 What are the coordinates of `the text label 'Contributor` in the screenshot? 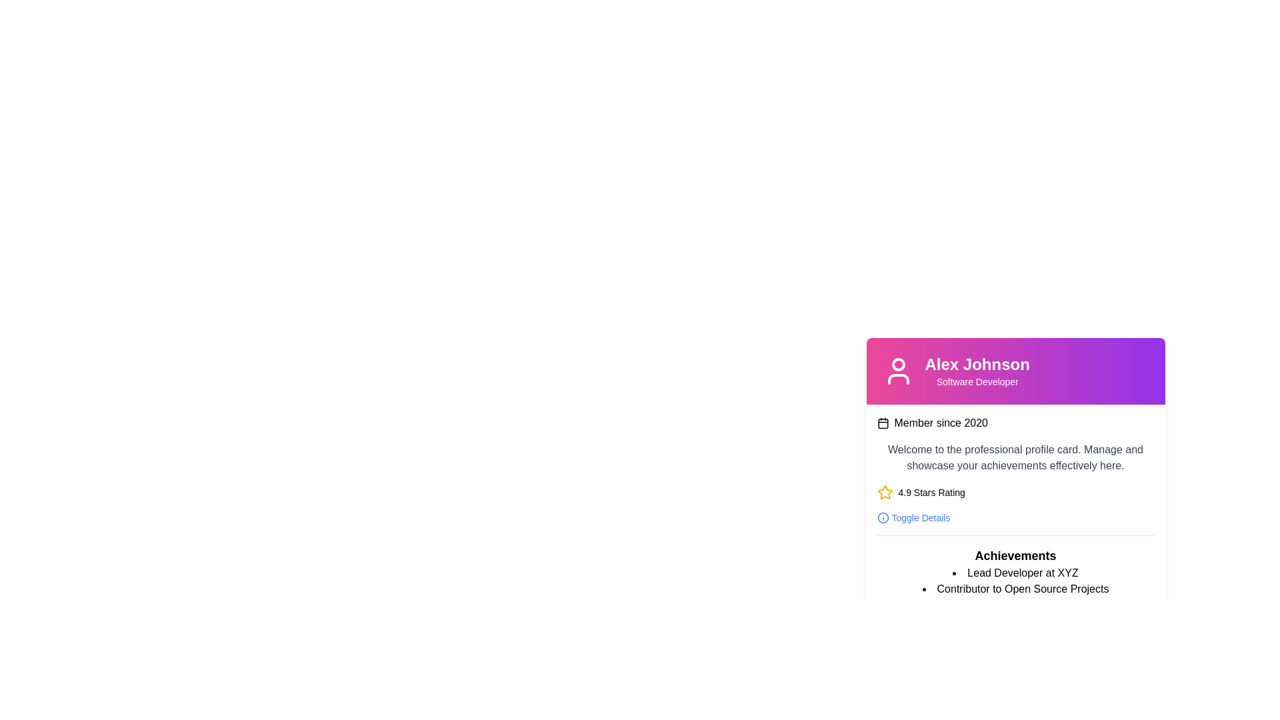 It's located at (1015, 588).